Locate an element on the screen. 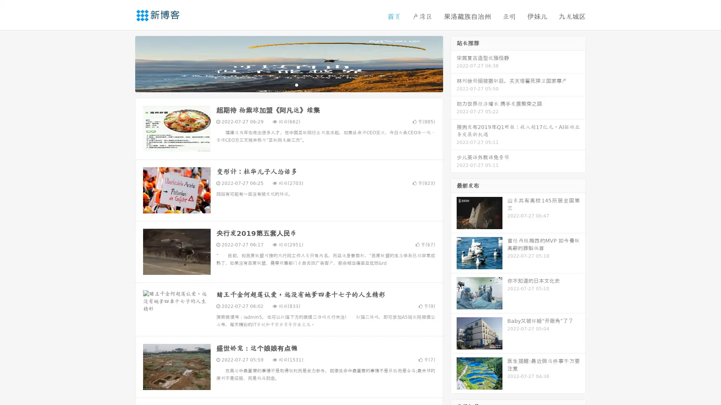 Image resolution: width=721 pixels, height=405 pixels. Go to slide 3 is located at coordinates (296, 84).